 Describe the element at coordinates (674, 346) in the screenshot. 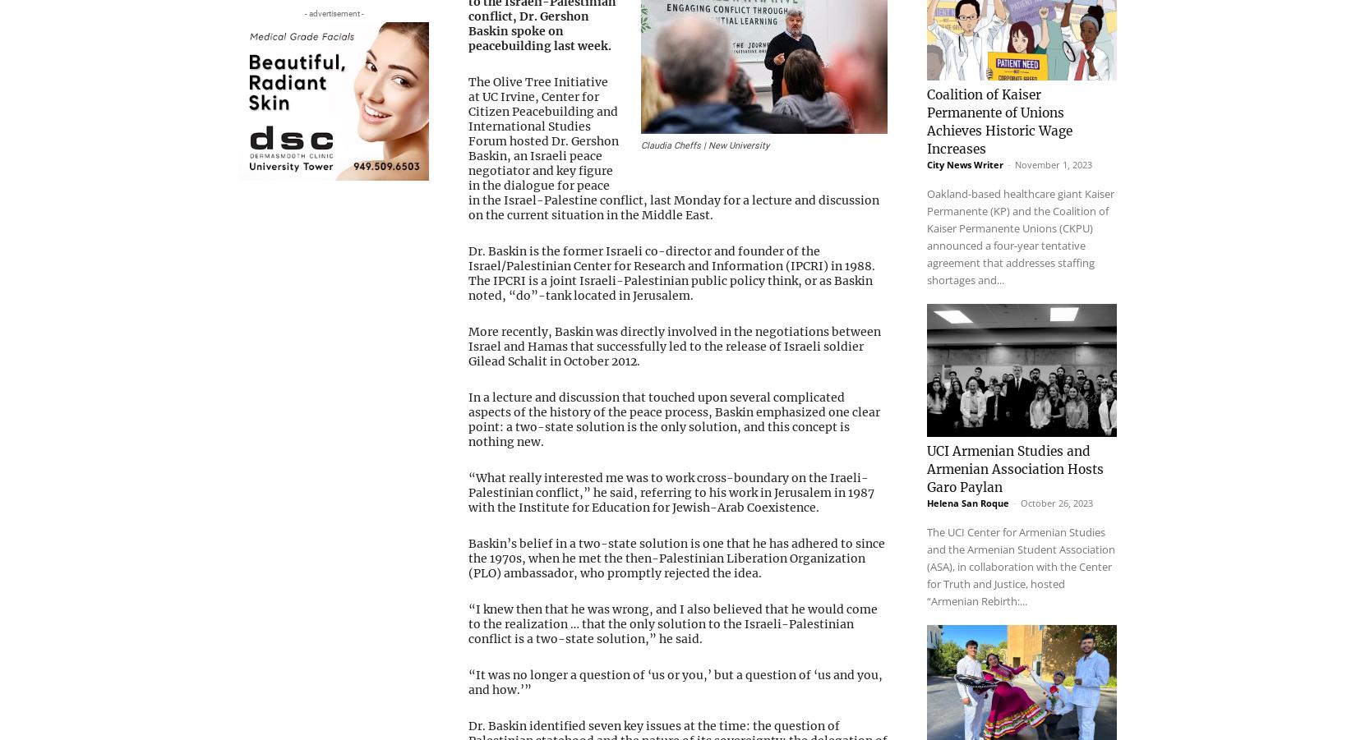

I see `'More recently, Baskin was directly involved in the negotiations between Israel and Hamas that successfully led to the release of Israeli soldier Gilead Schalit in October 2012.'` at that location.